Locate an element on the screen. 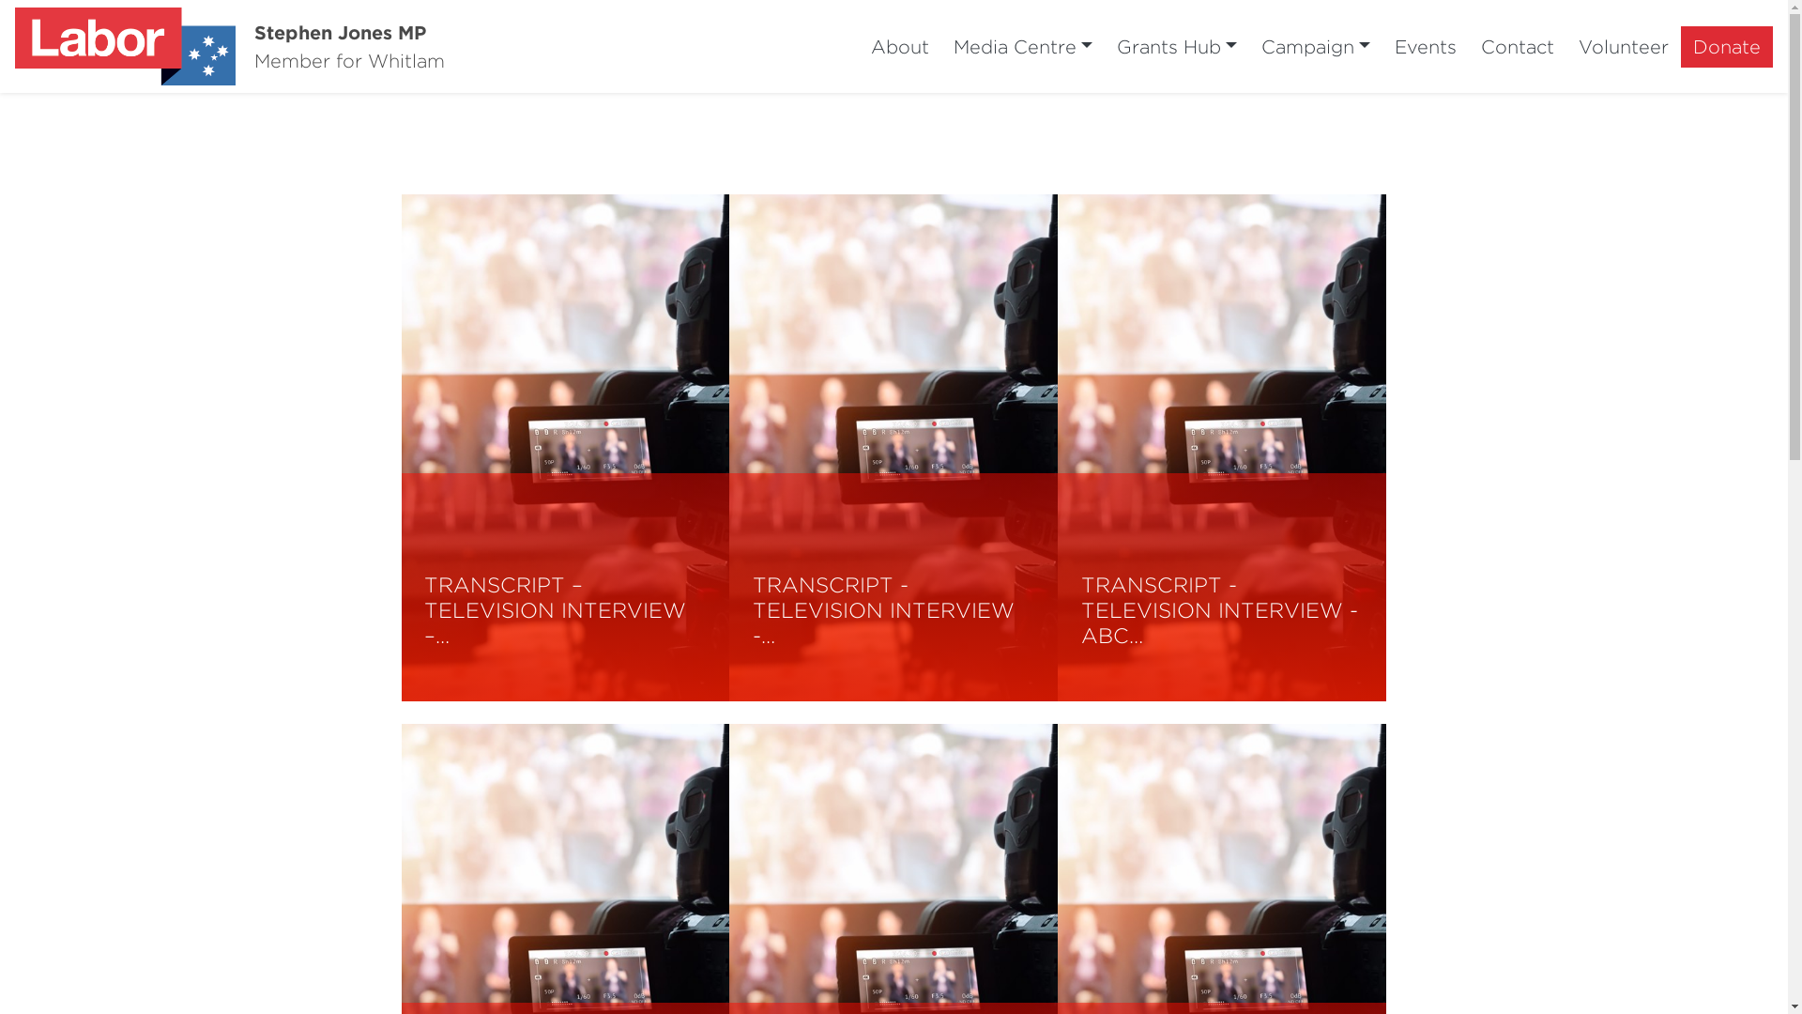  'Events' is located at coordinates (1425, 46).